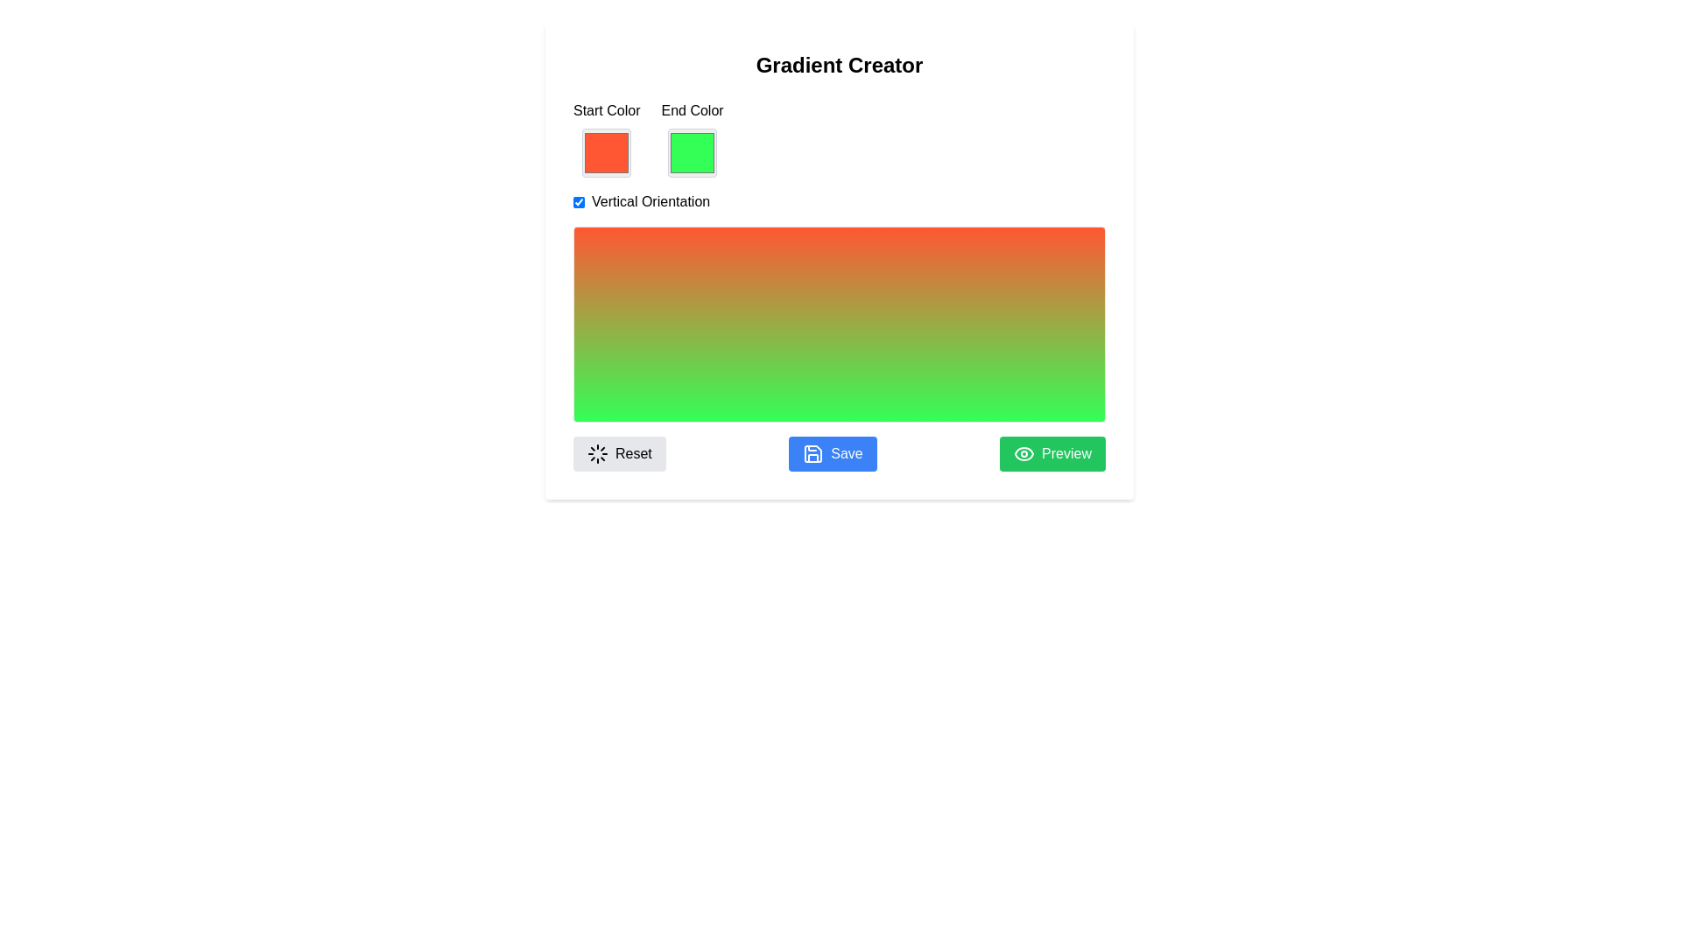 This screenshot has height=945, width=1681. Describe the element at coordinates (579, 201) in the screenshot. I see `the leftmost checkbox that toggles the orientation of the gradient between vertical and horizontal` at that location.